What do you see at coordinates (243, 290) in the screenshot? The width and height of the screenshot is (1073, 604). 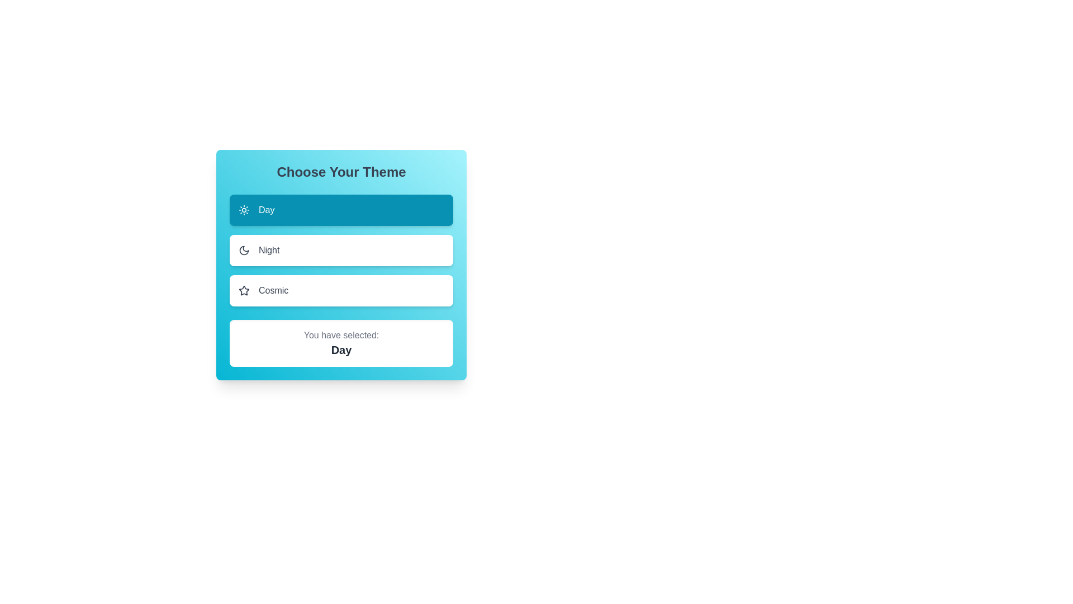 I see `the outlined star-shaped icon styled with a dark border, which is the leftmost icon within the 'Cosmic' option button, positioned to the far left of the text 'Cosmic'` at bounding box center [243, 290].